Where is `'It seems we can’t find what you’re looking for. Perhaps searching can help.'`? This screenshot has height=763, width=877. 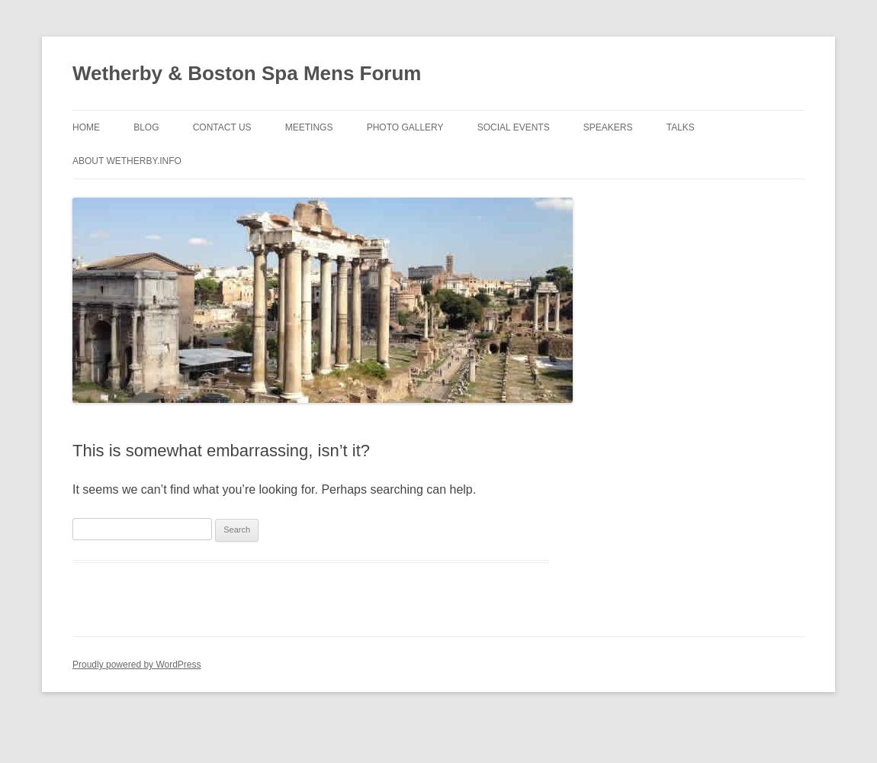
'It seems we can’t find what you’re looking for. Perhaps searching can help.' is located at coordinates (71, 488).